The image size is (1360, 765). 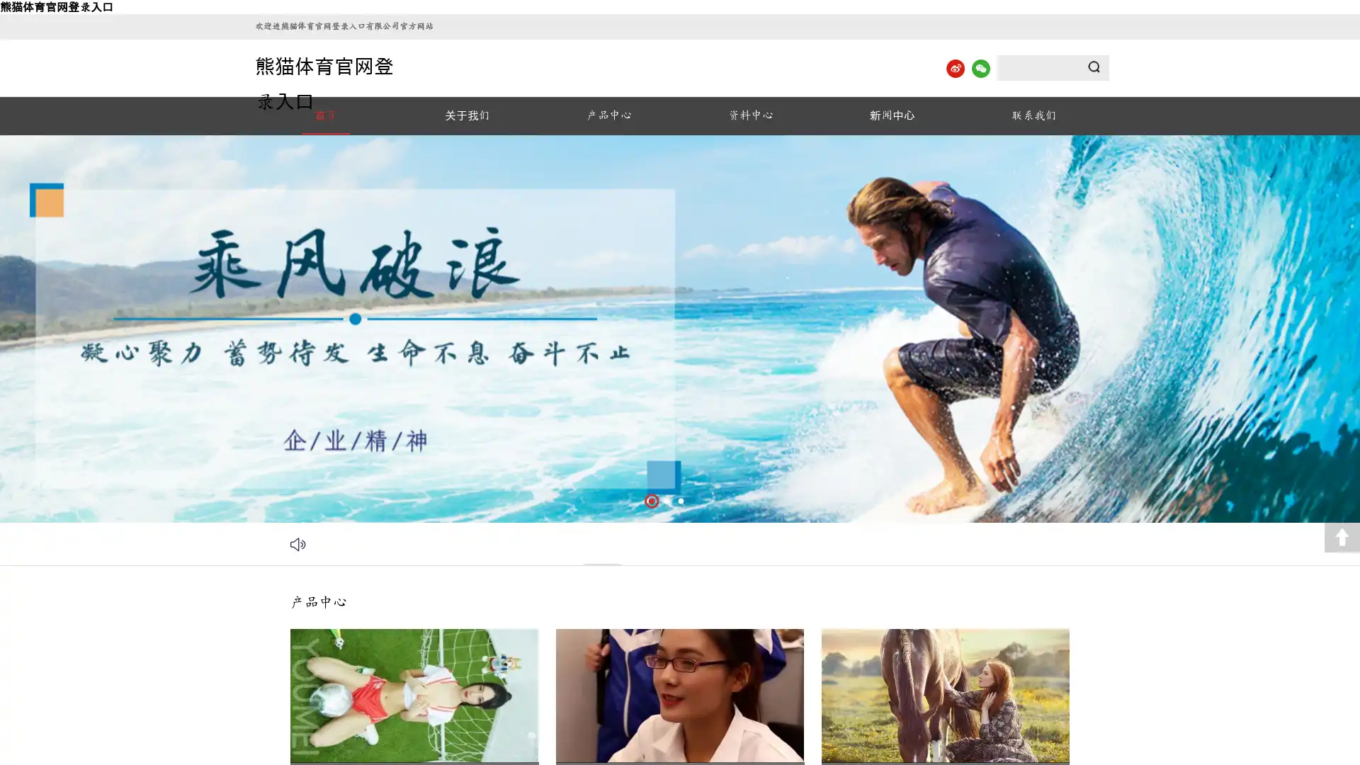 What do you see at coordinates (1094, 67) in the screenshot?
I see `Submit` at bounding box center [1094, 67].